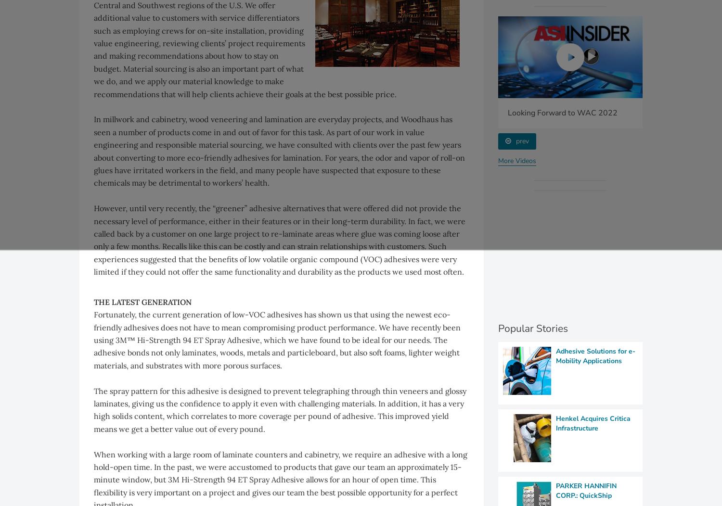  What do you see at coordinates (516, 160) in the screenshot?
I see `'More Videos'` at bounding box center [516, 160].